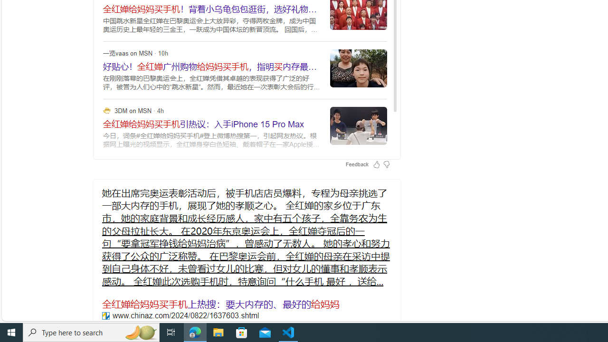  What do you see at coordinates (107, 110) in the screenshot?
I see `'3DM on MSN'` at bounding box center [107, 110].